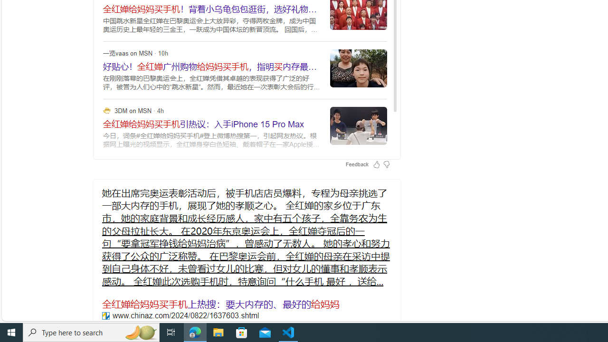  What do you see at coordinates (107, 110) in the screenshot?
I see `'3DM on MSN'` at bounding box center [107, 110].